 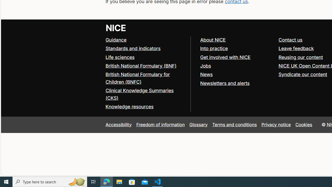 I want to click on 'Get involved with NICE', so click(x=225, y=57).